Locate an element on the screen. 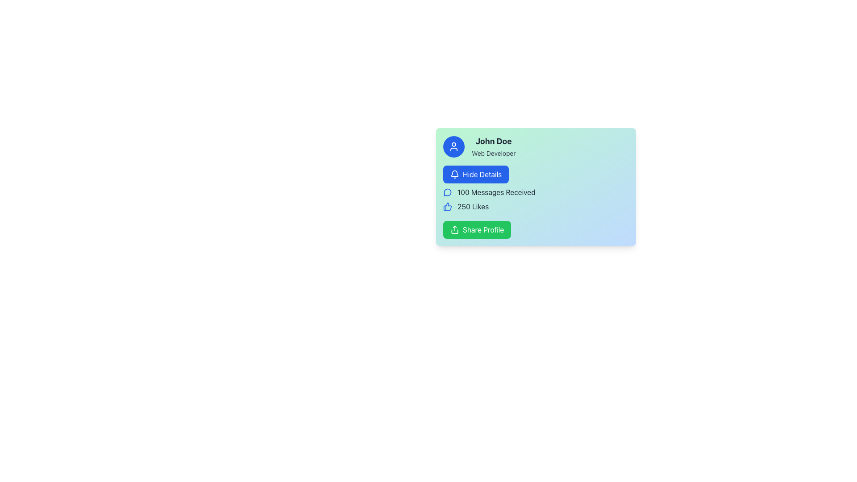 Image resolution: width=857 pixels, height=482 pixels. the thumbs-up icon located below the vertical stem, adjacent to the text '250 Likes' is located at coordinates (448, 206).